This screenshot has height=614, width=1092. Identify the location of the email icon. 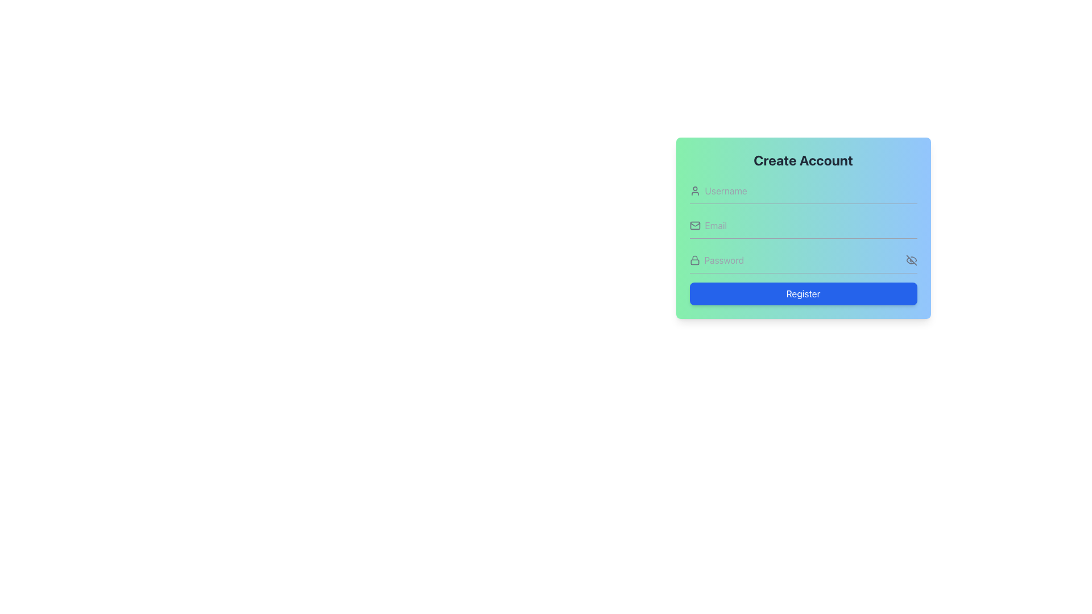
(694, 226).